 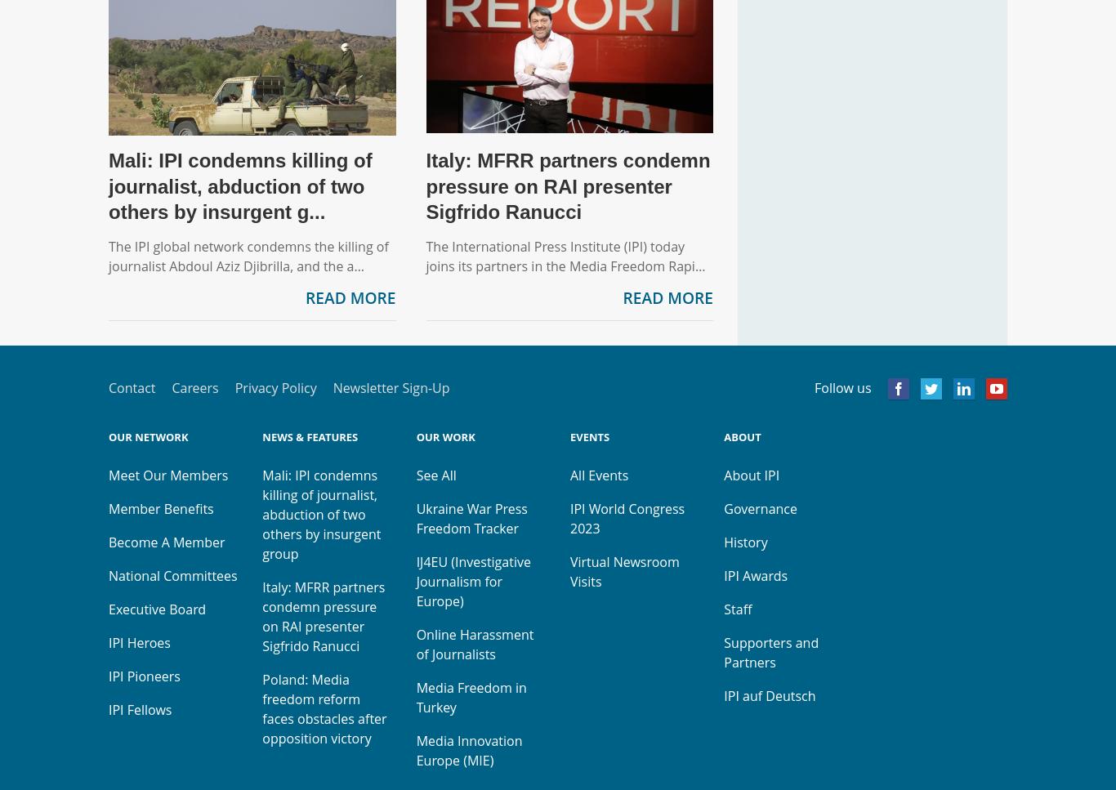 I want to click on 'All Events', so click(x=598, y=475).